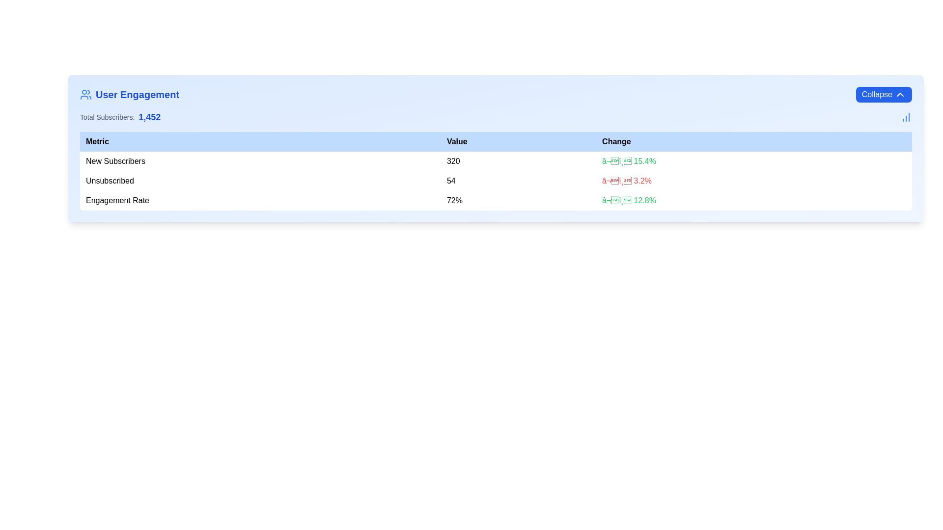 The width and height of the screenshot is (943, 530). I want to click on the text label displaying 'Total Subscribers:' which is in a small gray font and located to the left of the number '1,452', so click(107, 117).